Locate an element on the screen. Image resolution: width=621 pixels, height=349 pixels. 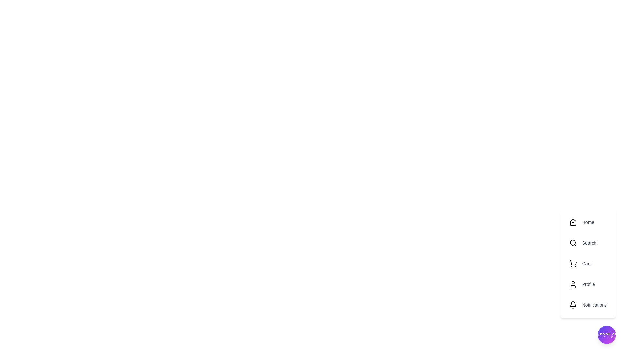
circular button at the bottom-right corner to toggle the menu is located at coordinates (606, 334).